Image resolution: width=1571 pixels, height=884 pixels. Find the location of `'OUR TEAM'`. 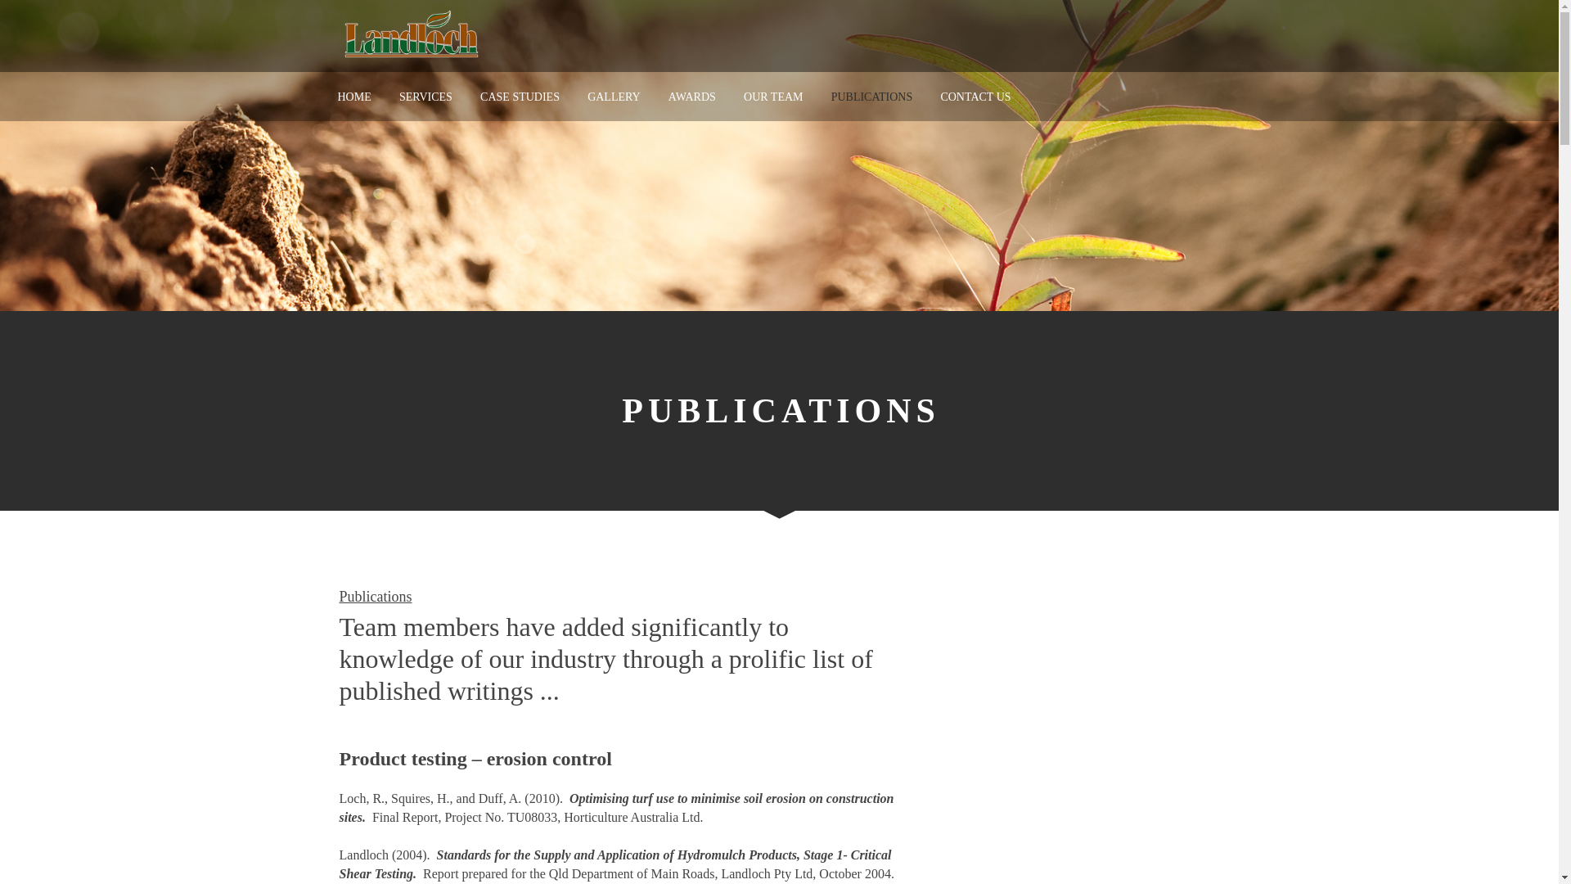

'OUR TEAM' is located at coordinates (742, 97).